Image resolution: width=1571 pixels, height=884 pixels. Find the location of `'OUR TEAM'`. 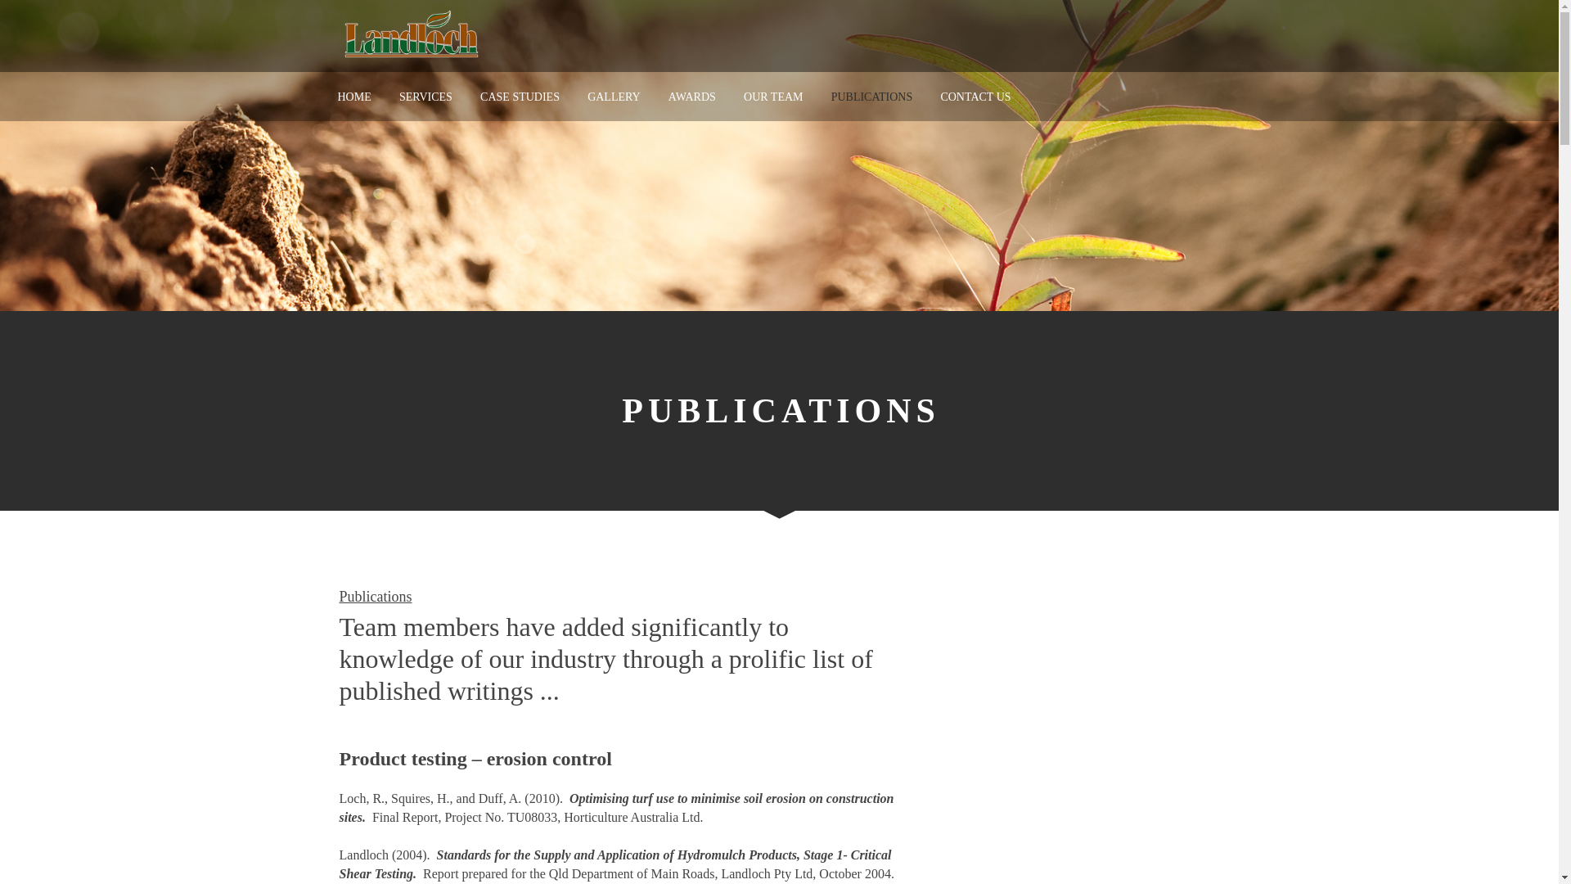

'OUR TEAM' is located at coordinates (742, 97).